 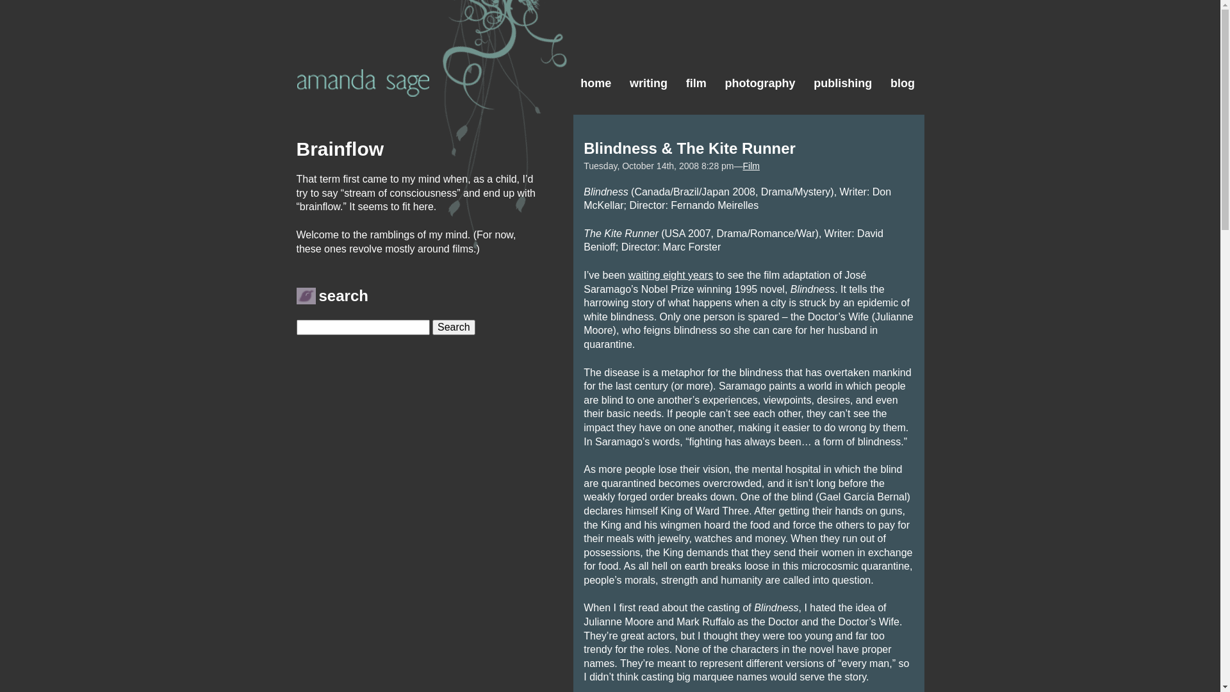 What do you see at coordinates (842, 51) in the screenshot?
I see `'publishing'` at bounding box center [842, 51].